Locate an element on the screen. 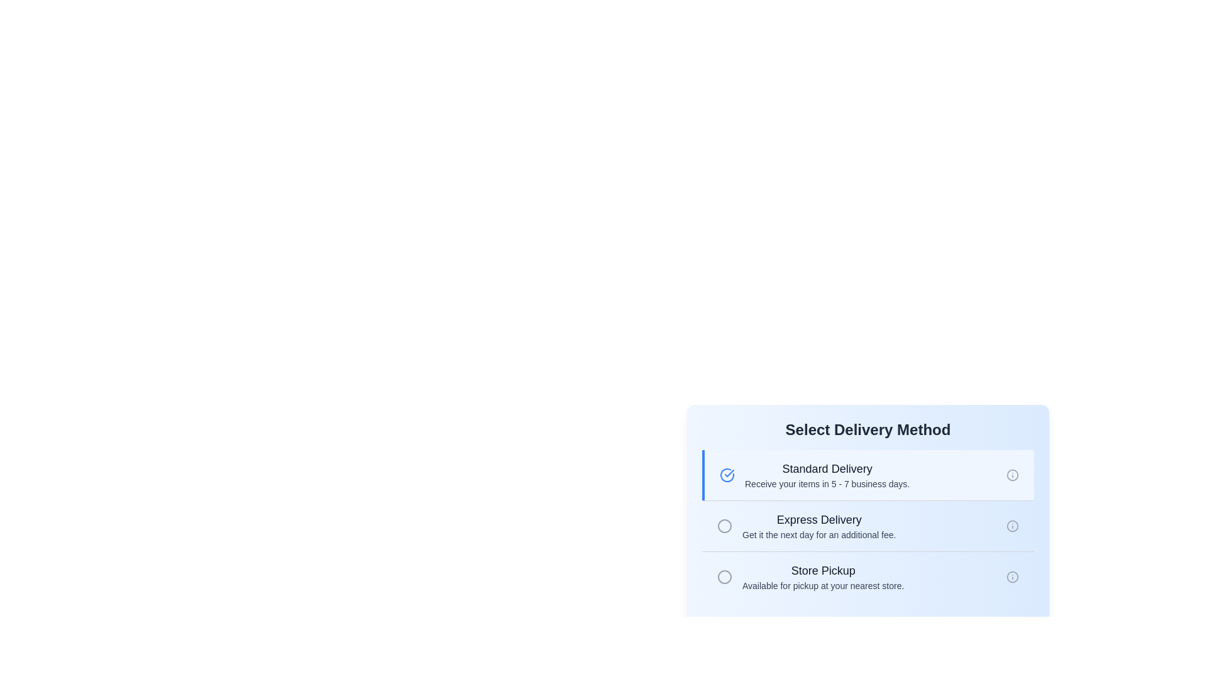  the circular indicator within the gray-bordered area is located at coordinates (724, 526).